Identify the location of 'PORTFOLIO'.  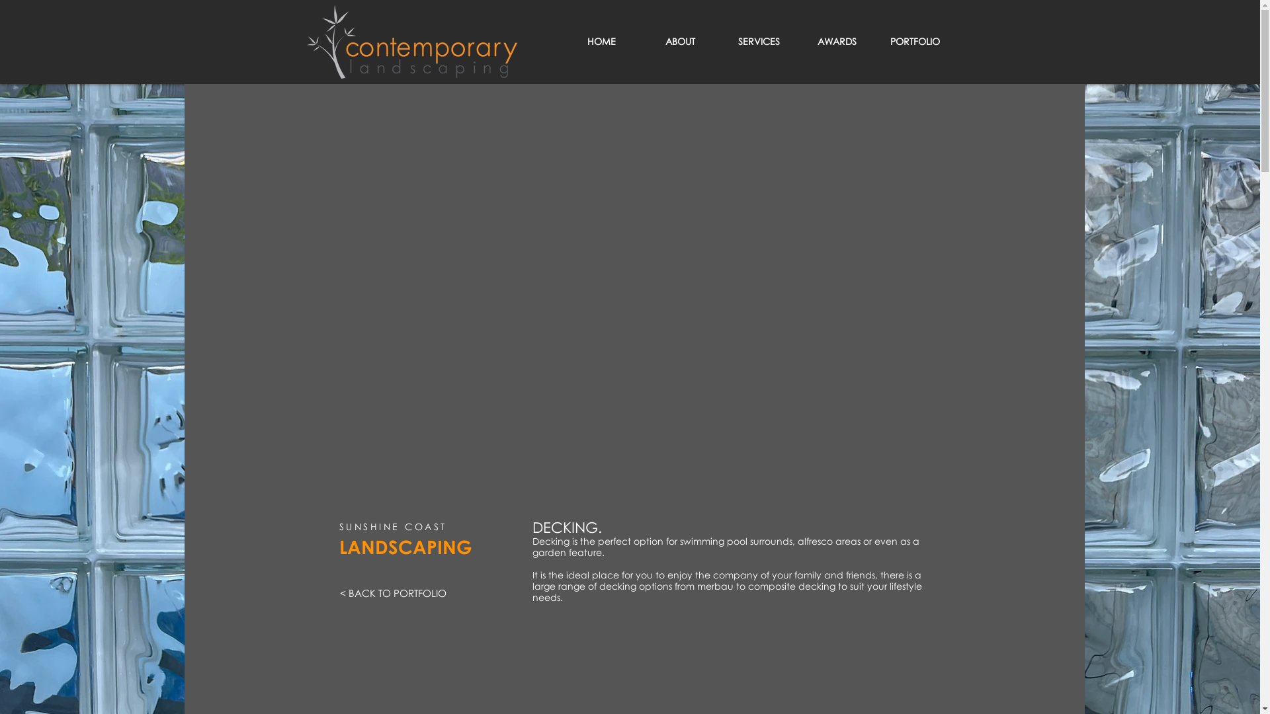
(913, 40).